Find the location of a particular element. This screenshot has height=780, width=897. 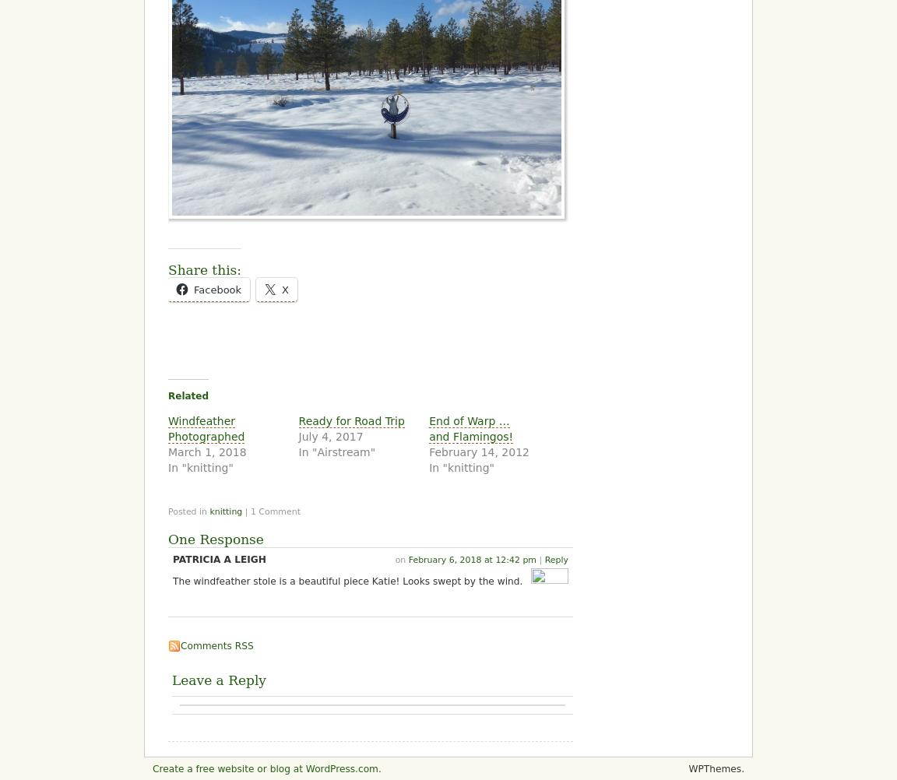

'Create a free website or blog at WordPress.com.' is located at coordinates (152, 768).